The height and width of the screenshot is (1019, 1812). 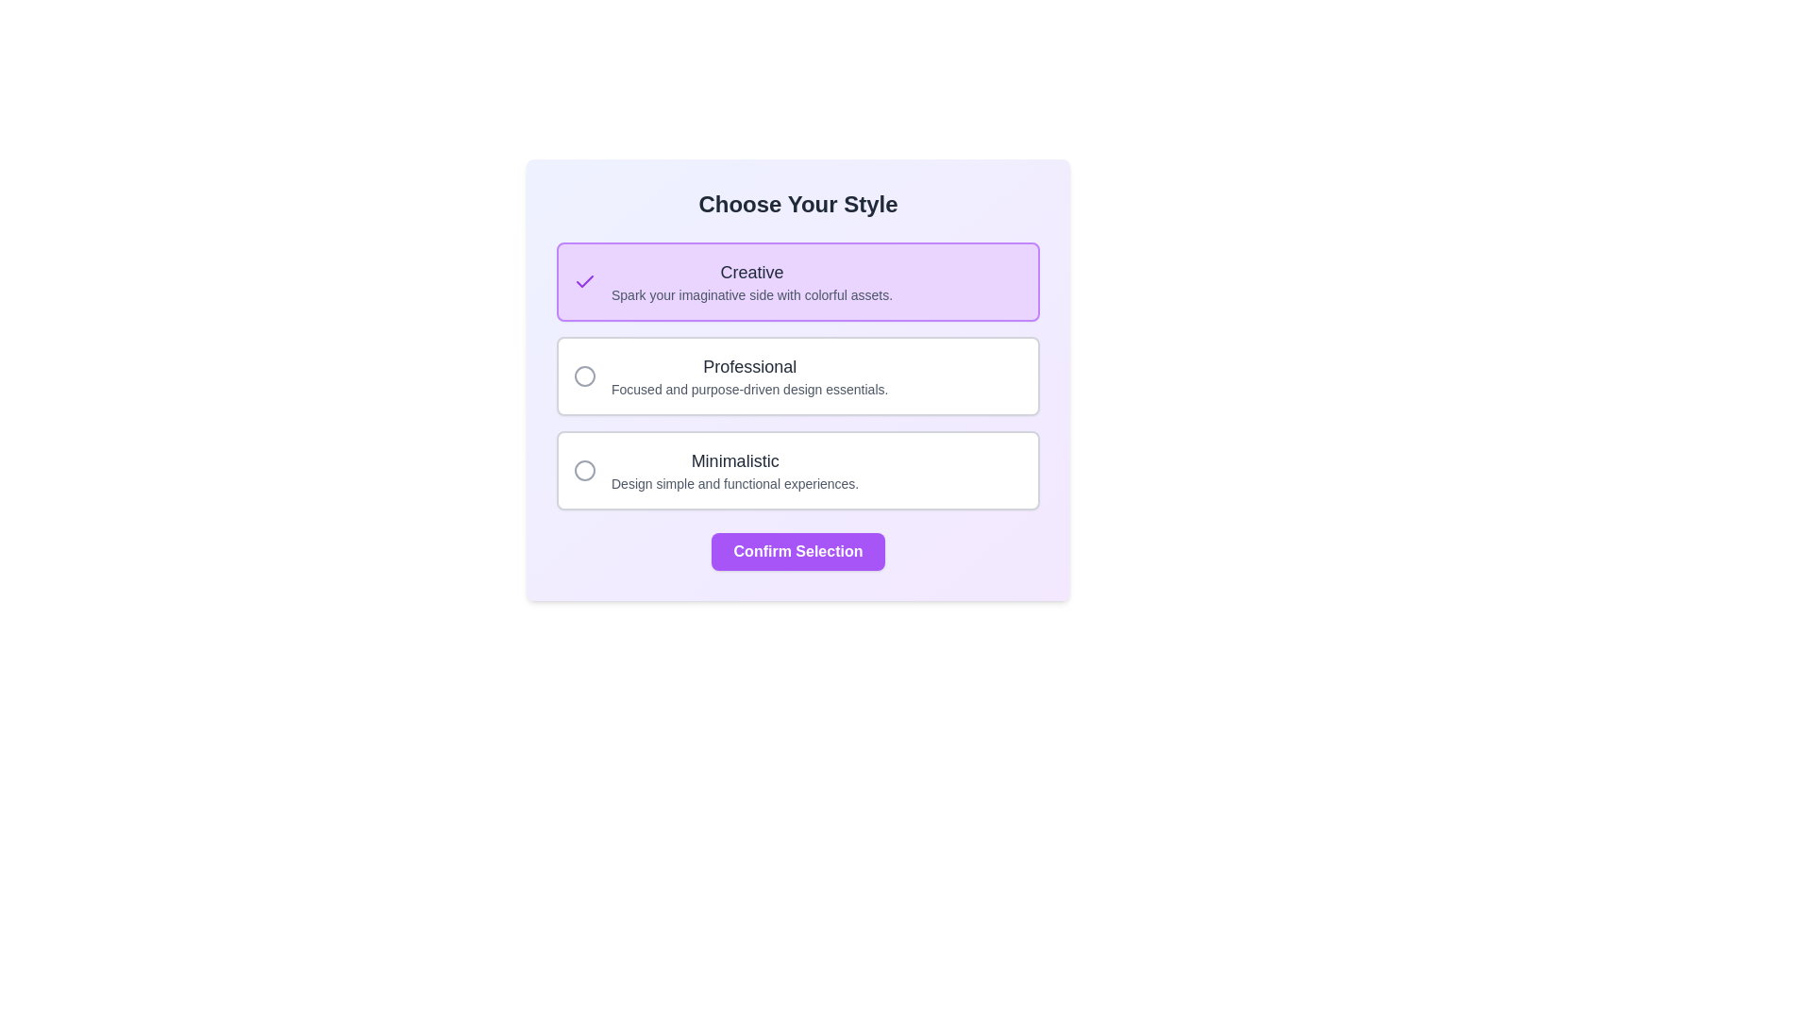 I want to click on the gray outlined circle icon located within the second list item labeled 'Professional' under 'Choose Your Style.', so click(x=583, y=376).